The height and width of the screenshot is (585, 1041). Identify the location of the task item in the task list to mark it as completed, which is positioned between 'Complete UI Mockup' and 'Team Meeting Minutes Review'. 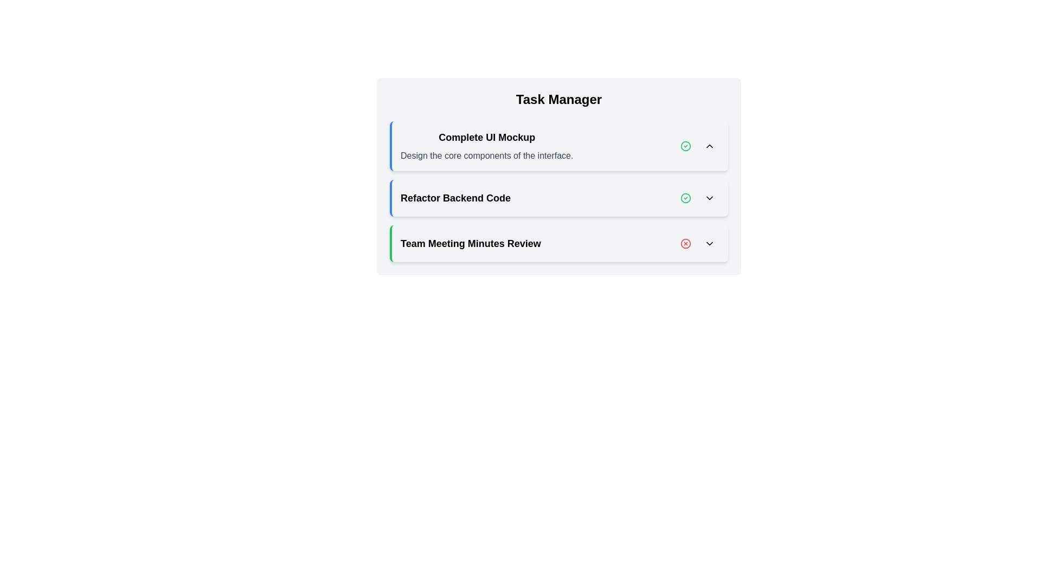
(560, 198).